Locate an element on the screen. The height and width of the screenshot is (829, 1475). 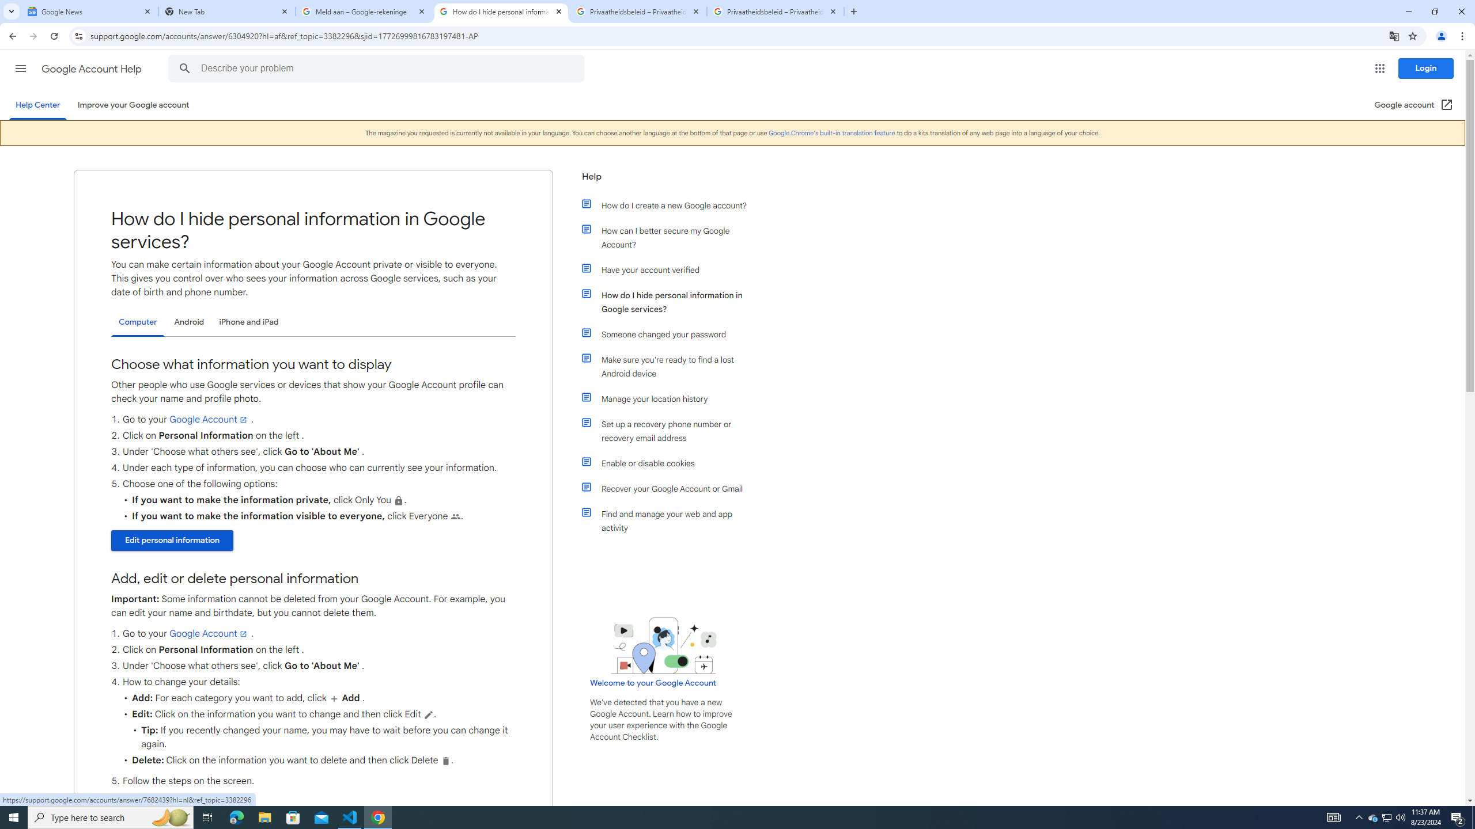
'Welcome to your Google Account' is located at coordinates (653, 682).